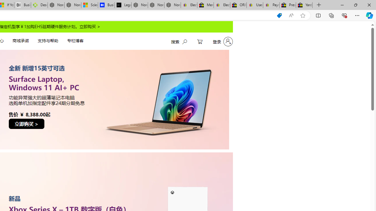 This screenshot has width=376, height=211. I want to click on 'Press Room - eBay Inc.', so click(288, 5).